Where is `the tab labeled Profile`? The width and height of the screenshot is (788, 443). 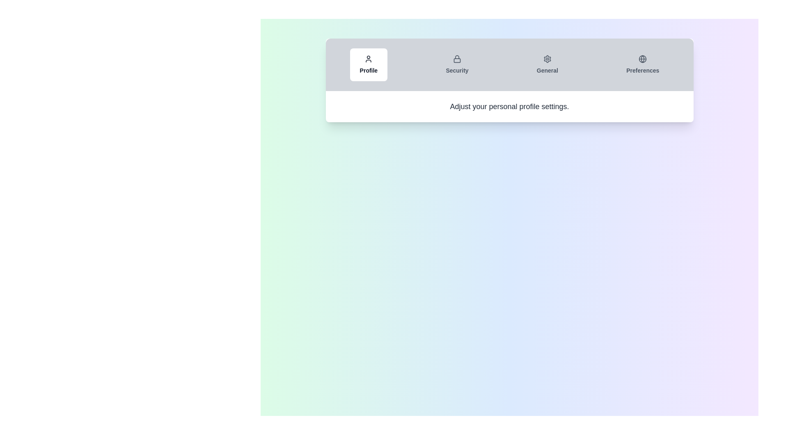
the tab labeled Profile is located at coordinates (368, 64).